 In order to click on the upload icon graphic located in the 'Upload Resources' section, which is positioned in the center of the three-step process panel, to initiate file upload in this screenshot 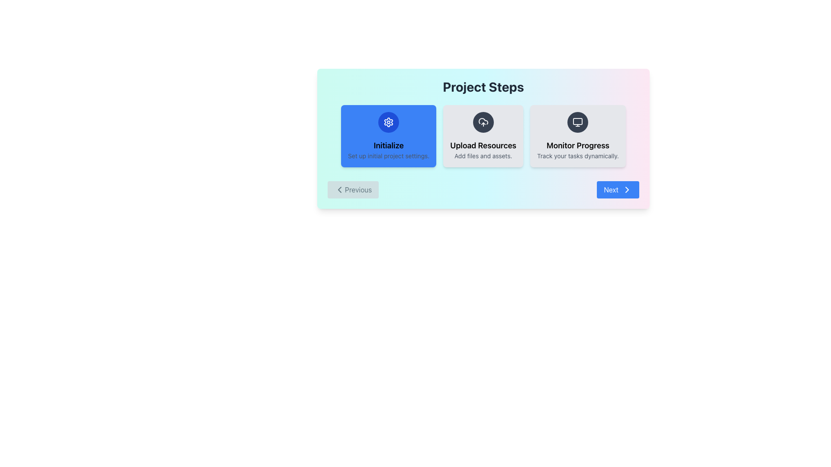, I will do `click(483, 122)`.